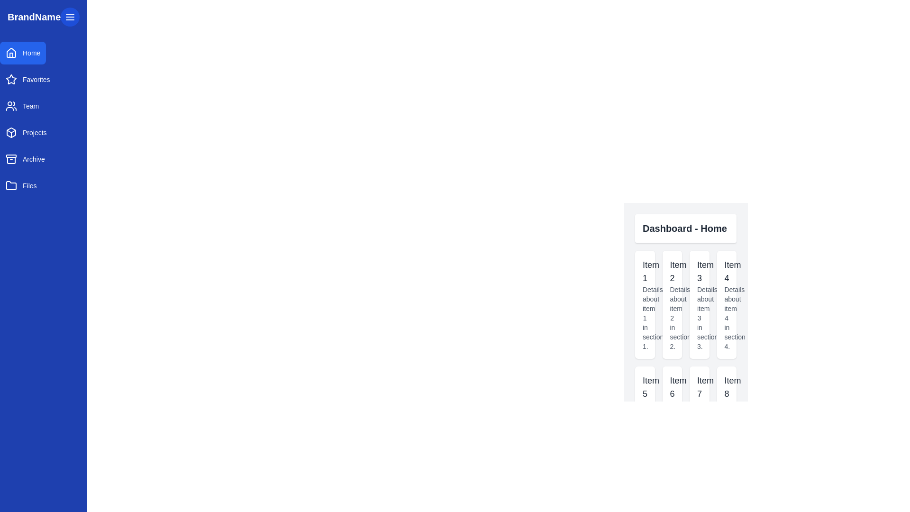 Image resolution: width=910 pixels, height=512 pixels. I want to click on the 'Home' button, which is a text element displayed in white sans-serif font on a blue rectangular button within the vertical navigation menu, so click(31, 53).